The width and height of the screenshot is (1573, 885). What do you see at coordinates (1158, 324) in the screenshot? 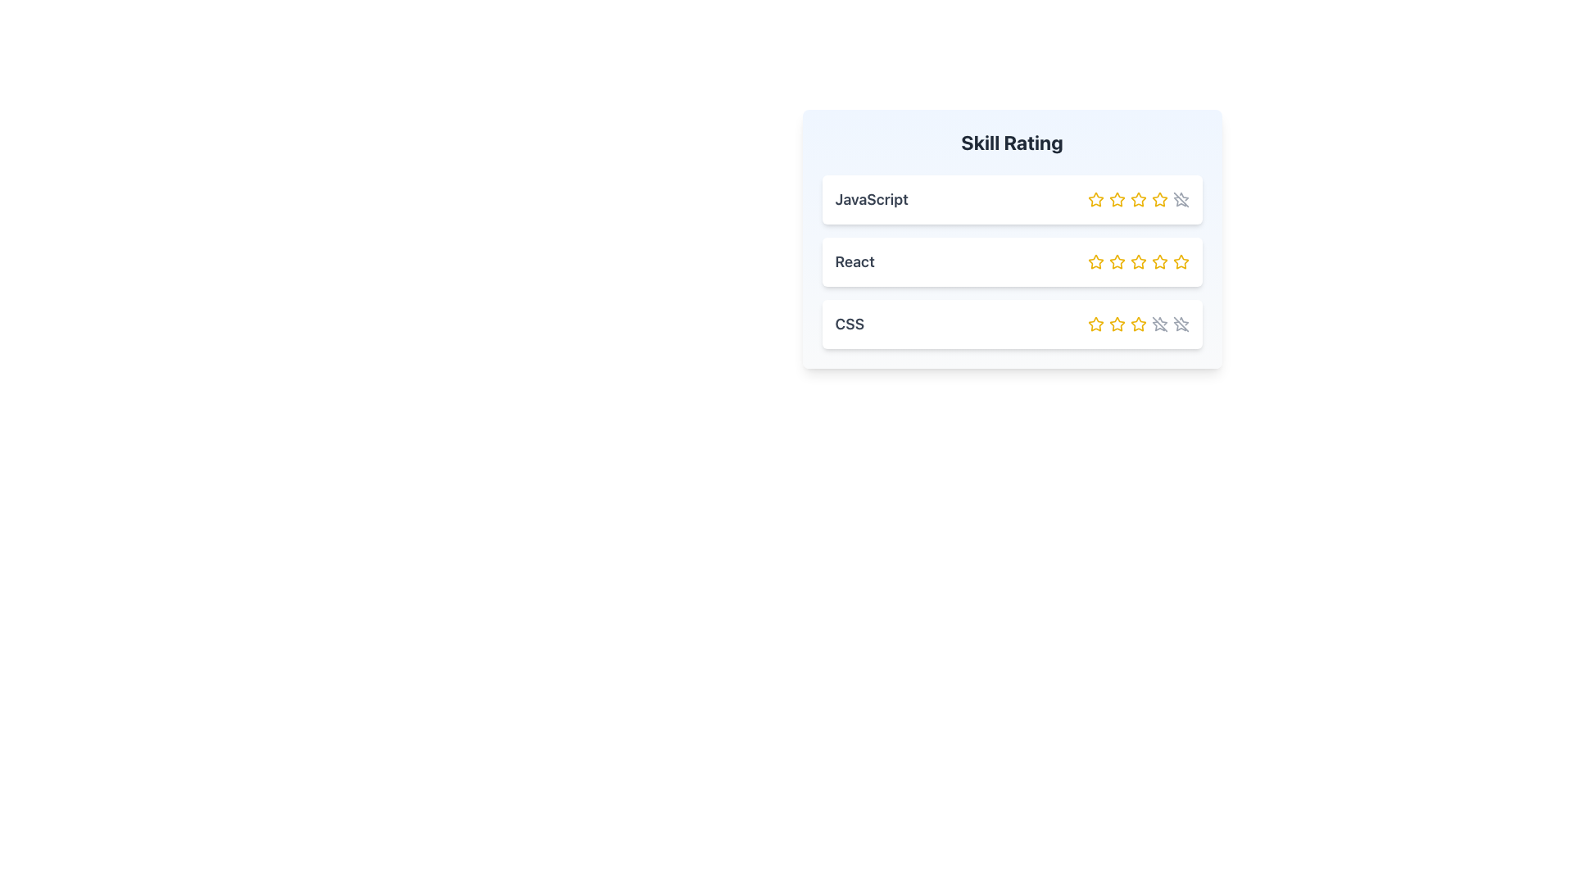
I see `the disabled SVG Line that crosses the last star icon in the CSS skill row of the Skill Rating card` at bounding box center [1158, 324].